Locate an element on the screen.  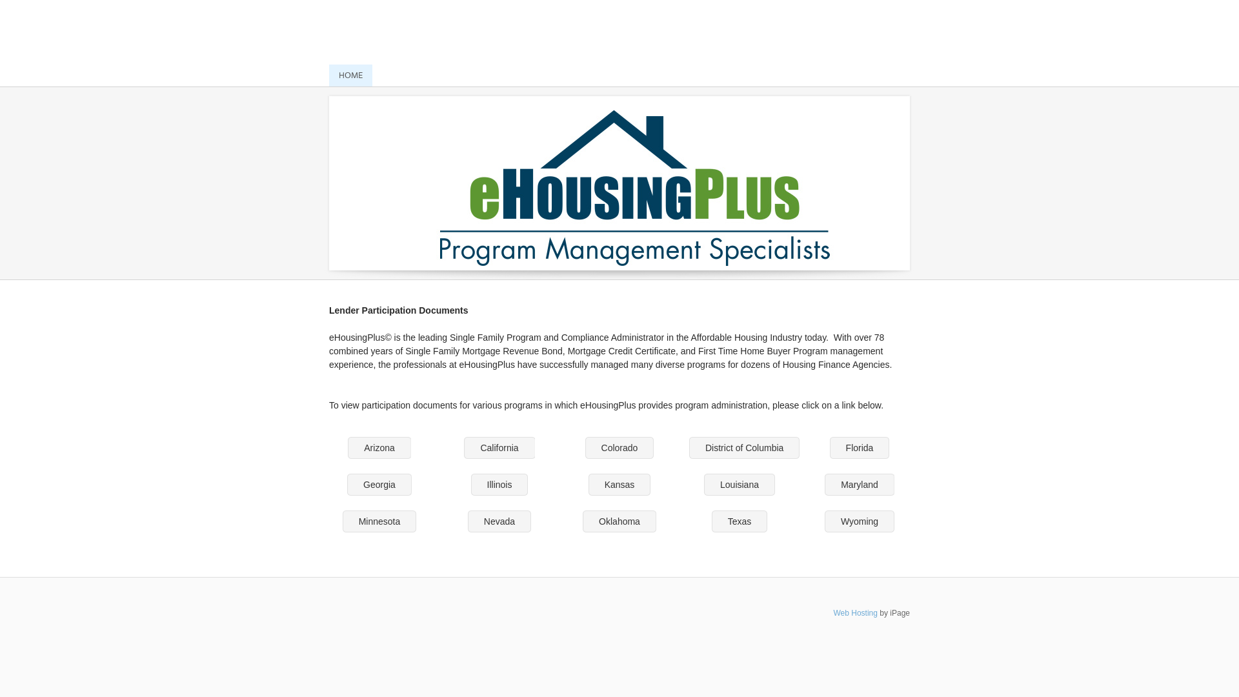
'Web Hosting' is located at coordinates (854, 612).